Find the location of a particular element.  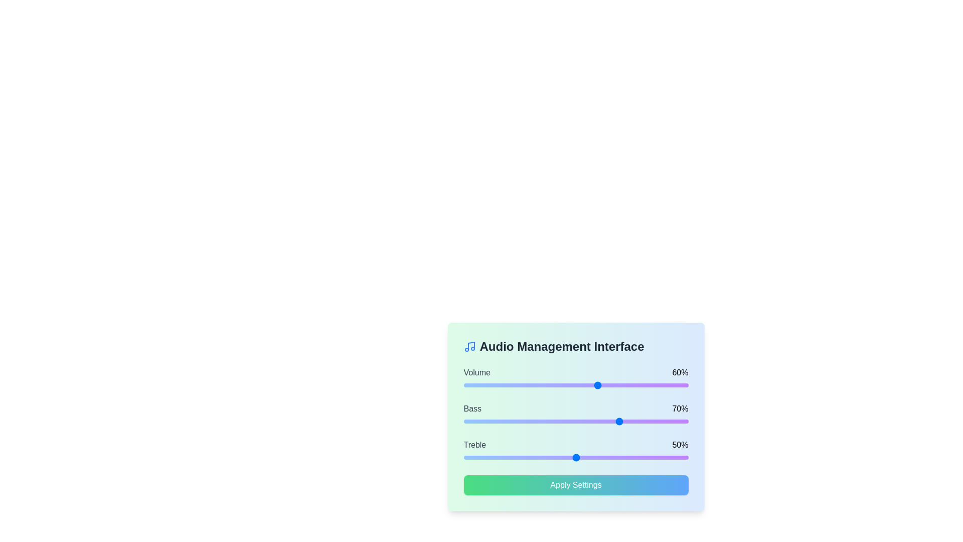

the treble level is located at coordinates (493, 457).